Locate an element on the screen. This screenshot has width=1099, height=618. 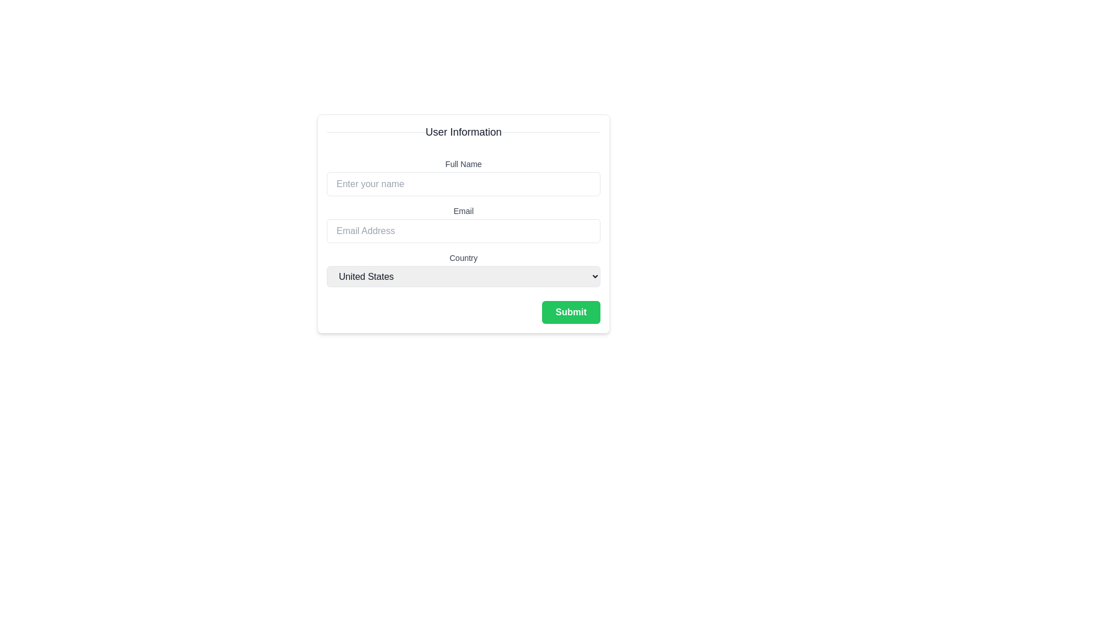
the form submission button located at the bottom-right of the form is located at coordinates (571, 312).